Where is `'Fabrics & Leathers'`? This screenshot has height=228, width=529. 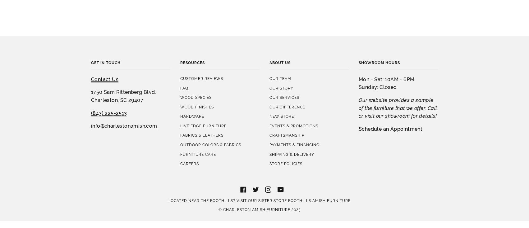
'Fabrics & Leathers' is located at coordinates (202, 80).